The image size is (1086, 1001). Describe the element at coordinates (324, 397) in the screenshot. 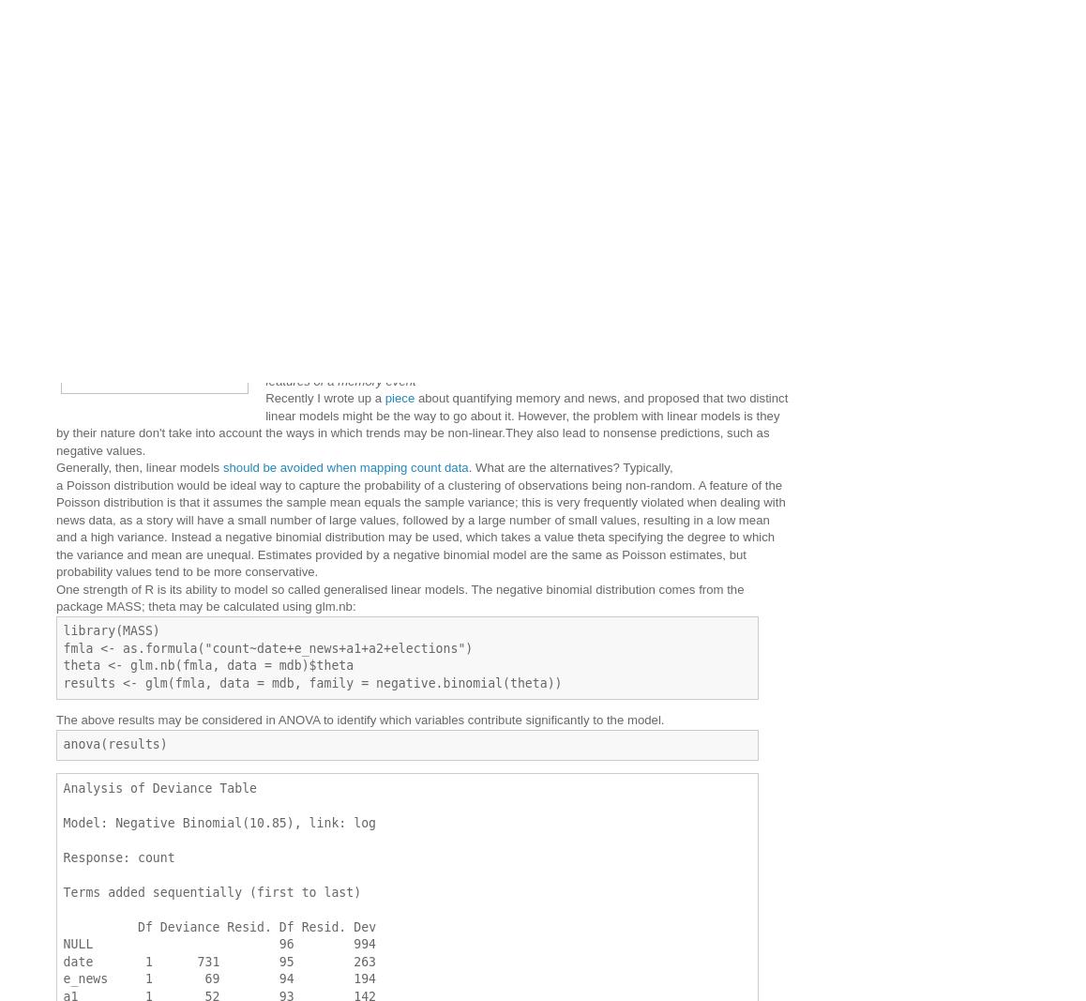

I see `'Recently I wrote up a'` at that location.